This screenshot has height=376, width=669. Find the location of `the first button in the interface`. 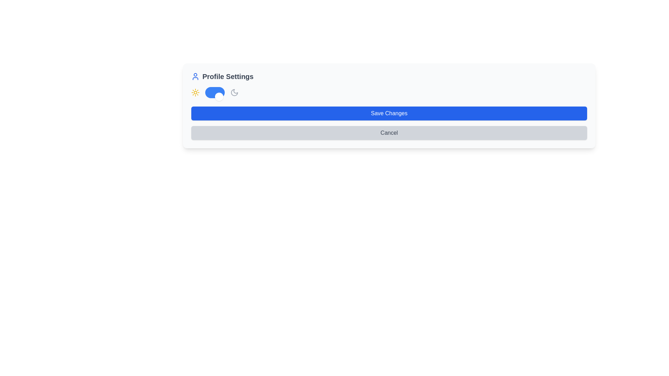

the first button in the interface is located at coordinates (389, 113).